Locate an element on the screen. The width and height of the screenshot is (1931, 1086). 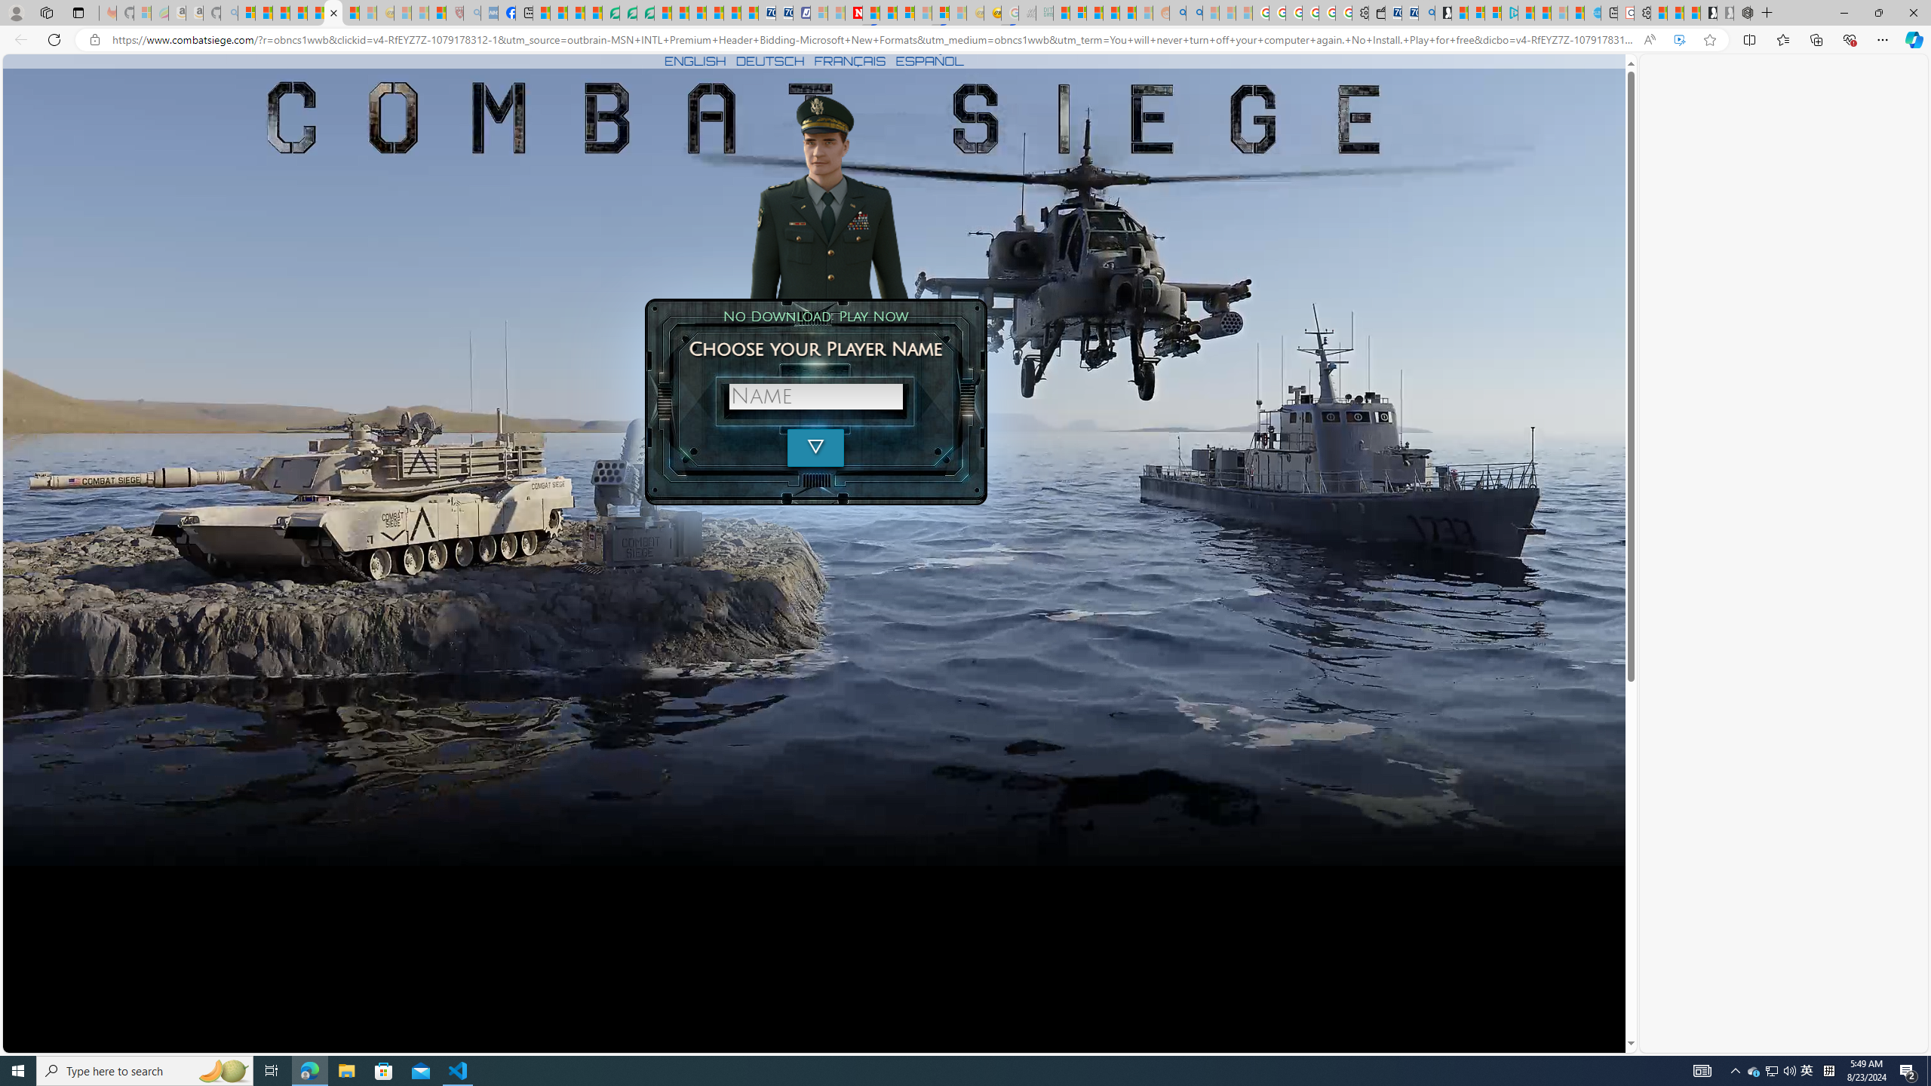
'Wallet' is located at coordinates (1377, 12).